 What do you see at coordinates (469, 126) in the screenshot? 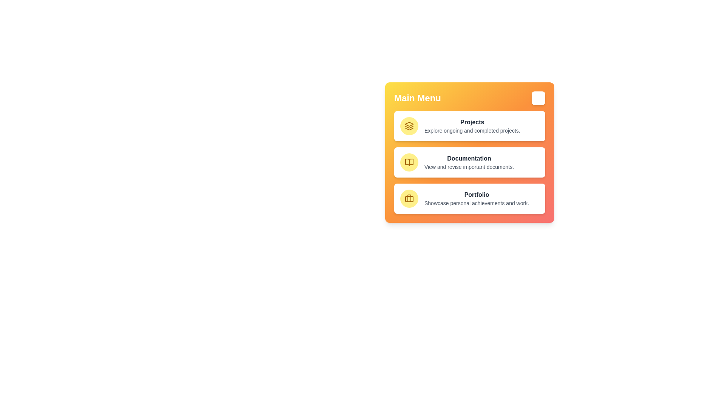
I see `the 'Projects' category to view its details` at bounding box center [469, 126].